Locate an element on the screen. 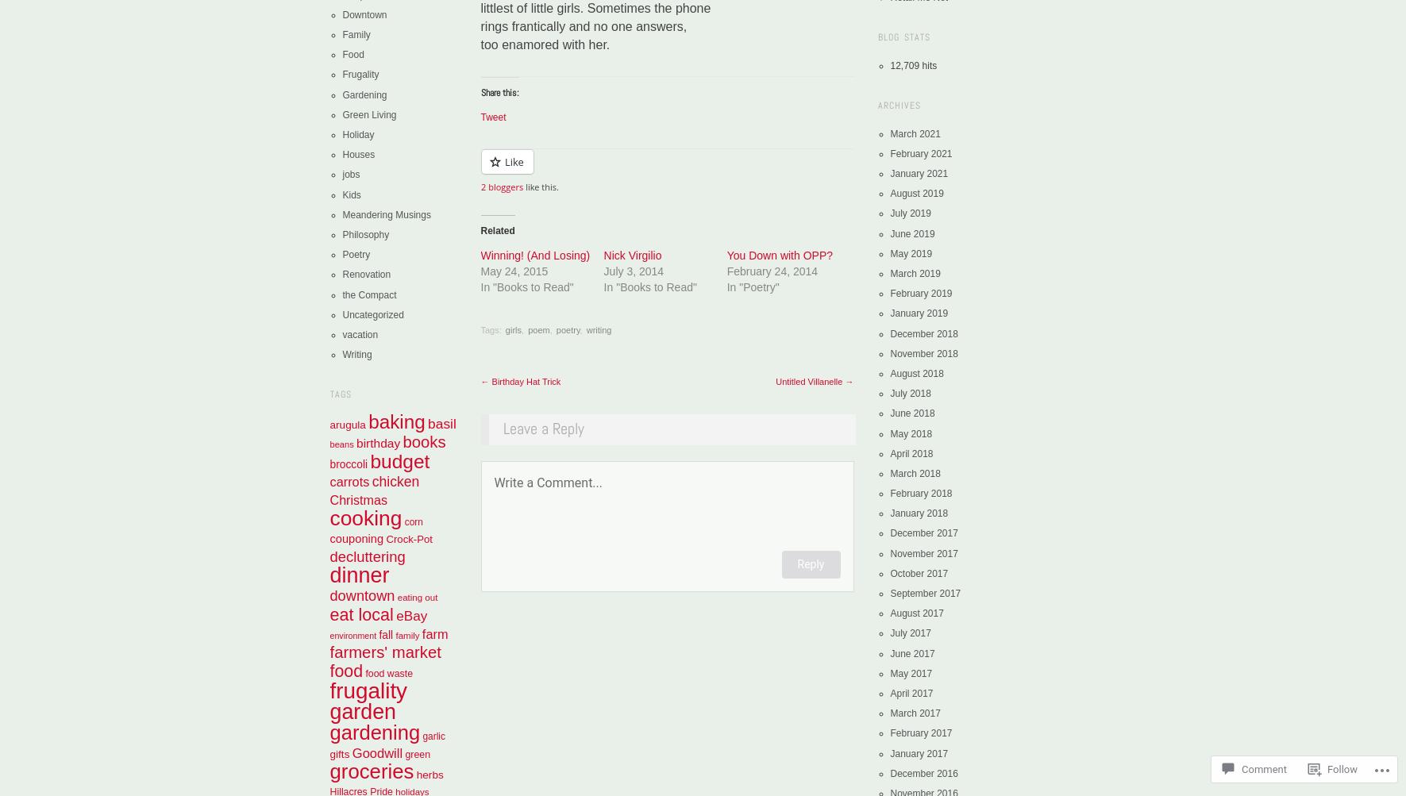 This screenshot has width=1406, height=796. 'Related' is located at coordinates (496, 230).